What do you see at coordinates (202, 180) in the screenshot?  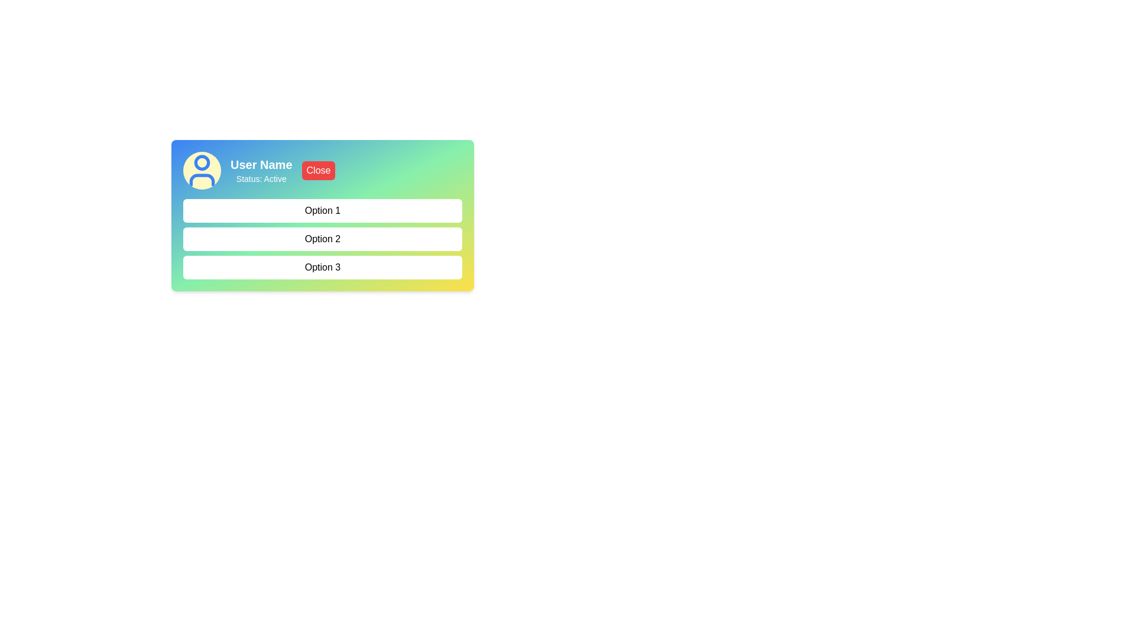 I see `the torso portion of the user avatar icon located beneath the head within the circular avatar icon` at bounding box center [202, 180].